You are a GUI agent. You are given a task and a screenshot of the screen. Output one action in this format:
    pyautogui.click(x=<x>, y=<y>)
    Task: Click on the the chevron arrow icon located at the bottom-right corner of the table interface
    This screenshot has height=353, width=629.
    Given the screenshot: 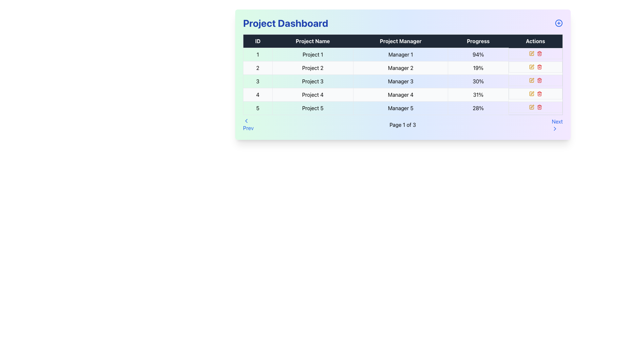 What is the action you would take?
    pyautogui.click(x=555, y=128)
    